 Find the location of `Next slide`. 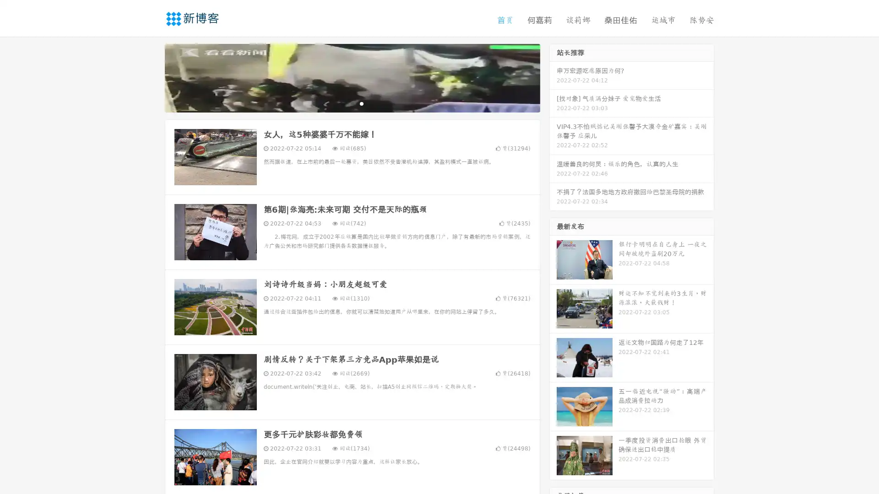

Next slide is located at coordinates (553, 77).